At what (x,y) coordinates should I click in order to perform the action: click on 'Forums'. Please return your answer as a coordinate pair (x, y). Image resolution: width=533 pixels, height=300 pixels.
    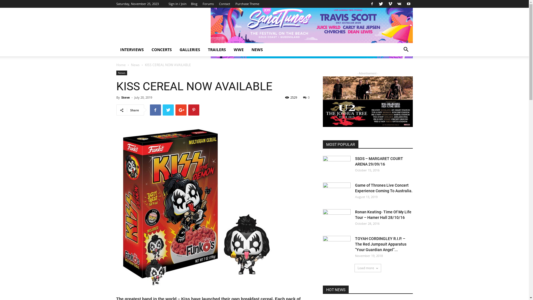
    Looking at the image, I should click on (208, 4).